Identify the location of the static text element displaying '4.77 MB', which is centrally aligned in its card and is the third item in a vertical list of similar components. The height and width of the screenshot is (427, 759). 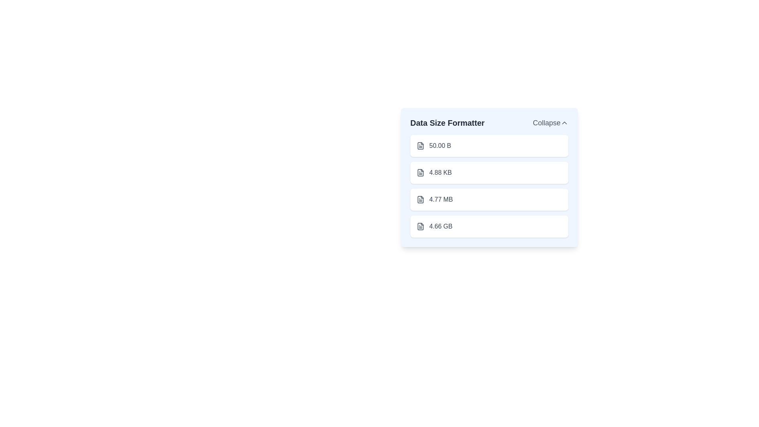
(440, 199).